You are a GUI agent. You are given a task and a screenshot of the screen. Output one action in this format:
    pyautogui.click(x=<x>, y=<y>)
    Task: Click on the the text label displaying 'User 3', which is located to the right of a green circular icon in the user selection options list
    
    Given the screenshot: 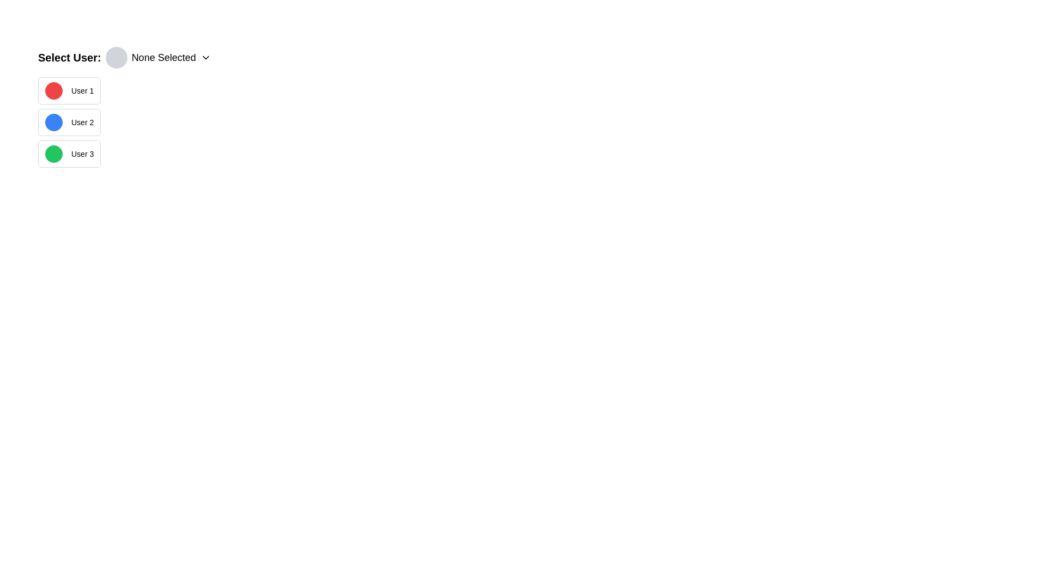 What is the action you would take?
    pyautogui.click(x=82, y=154)
    